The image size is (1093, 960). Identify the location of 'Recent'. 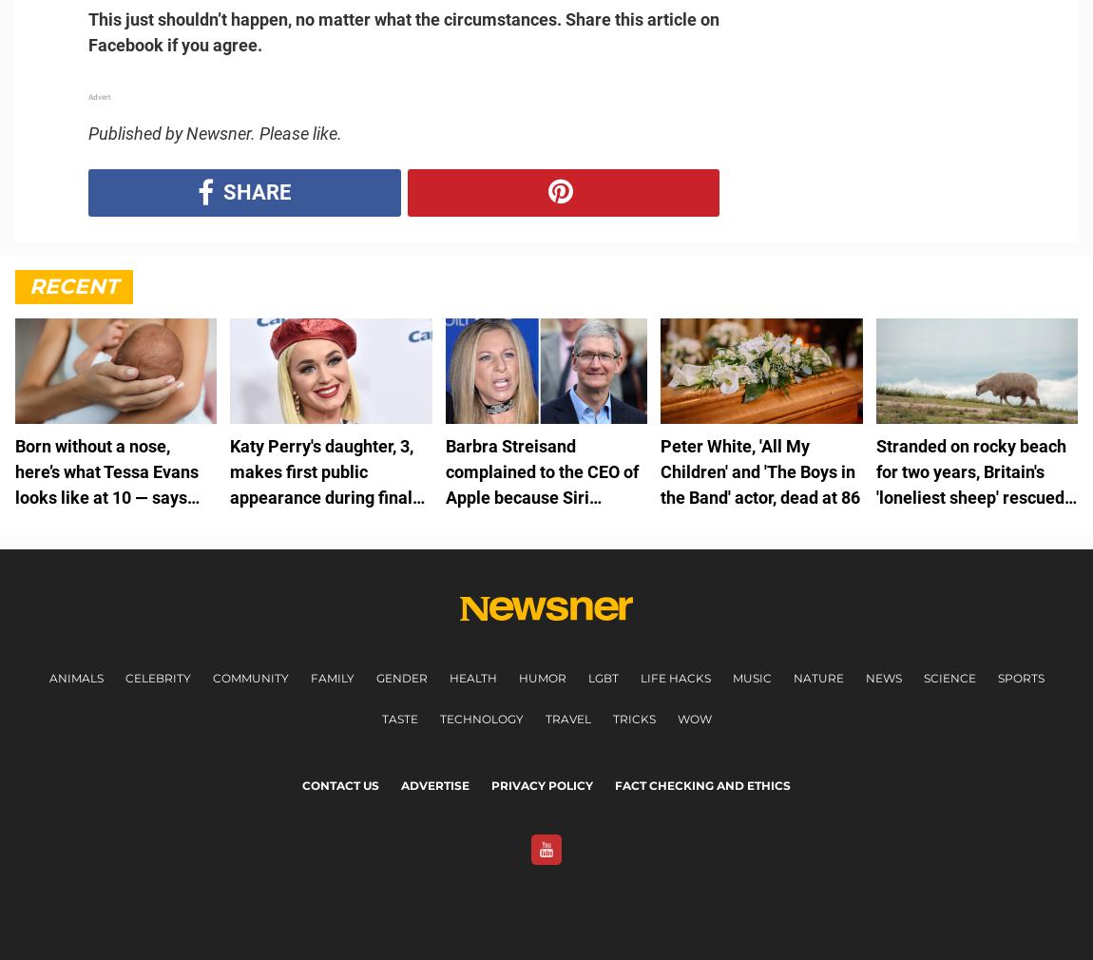
(72, 285).